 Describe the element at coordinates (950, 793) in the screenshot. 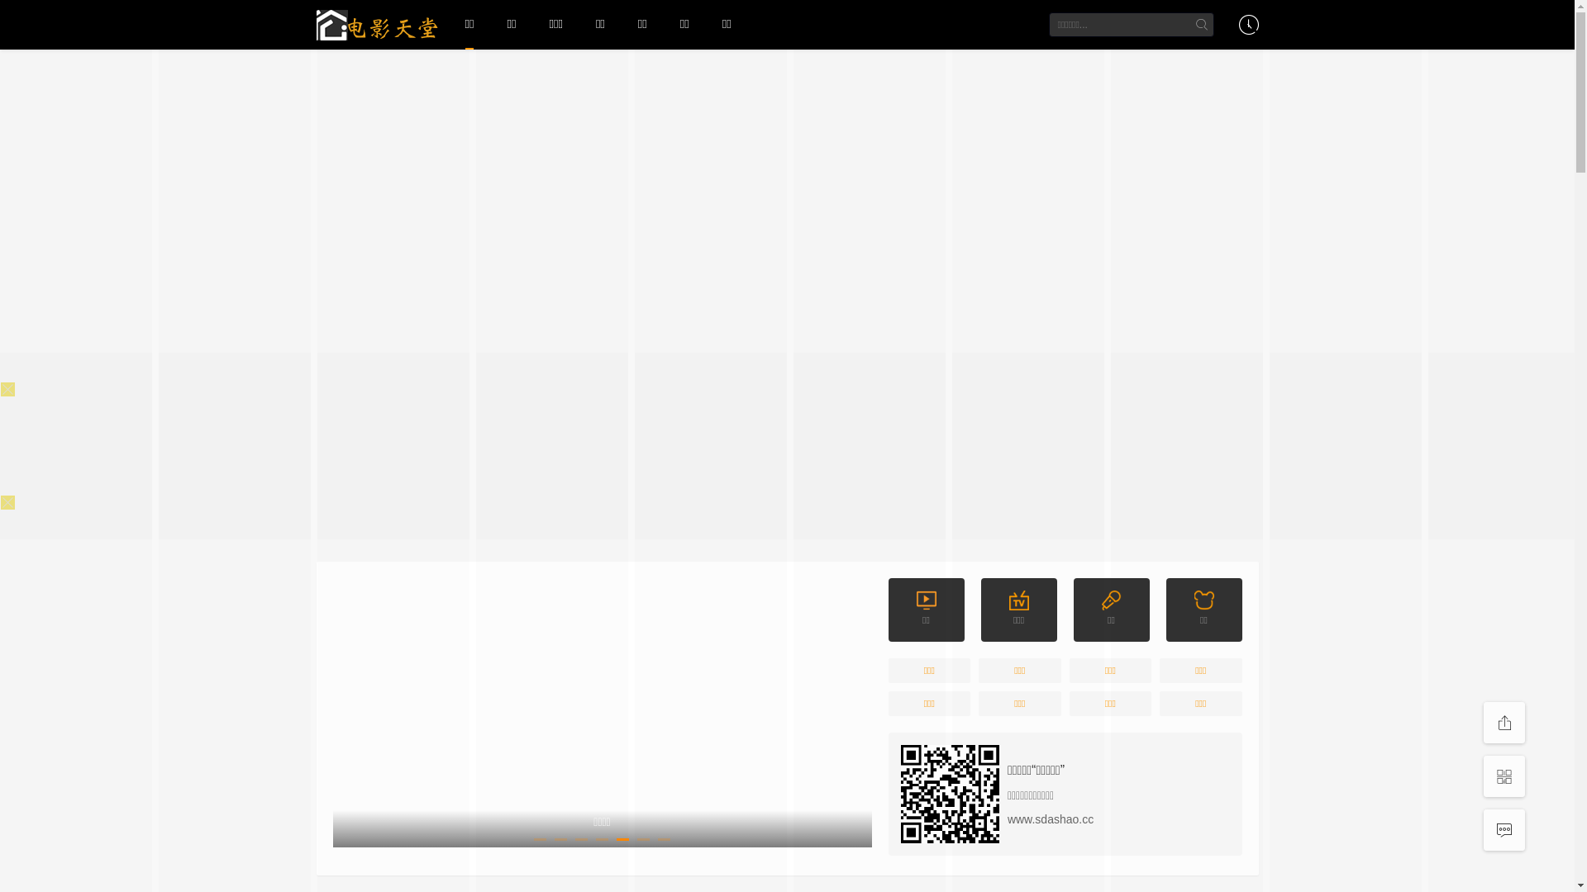

I see `'http://www.sdashao.cc/'` at that location.